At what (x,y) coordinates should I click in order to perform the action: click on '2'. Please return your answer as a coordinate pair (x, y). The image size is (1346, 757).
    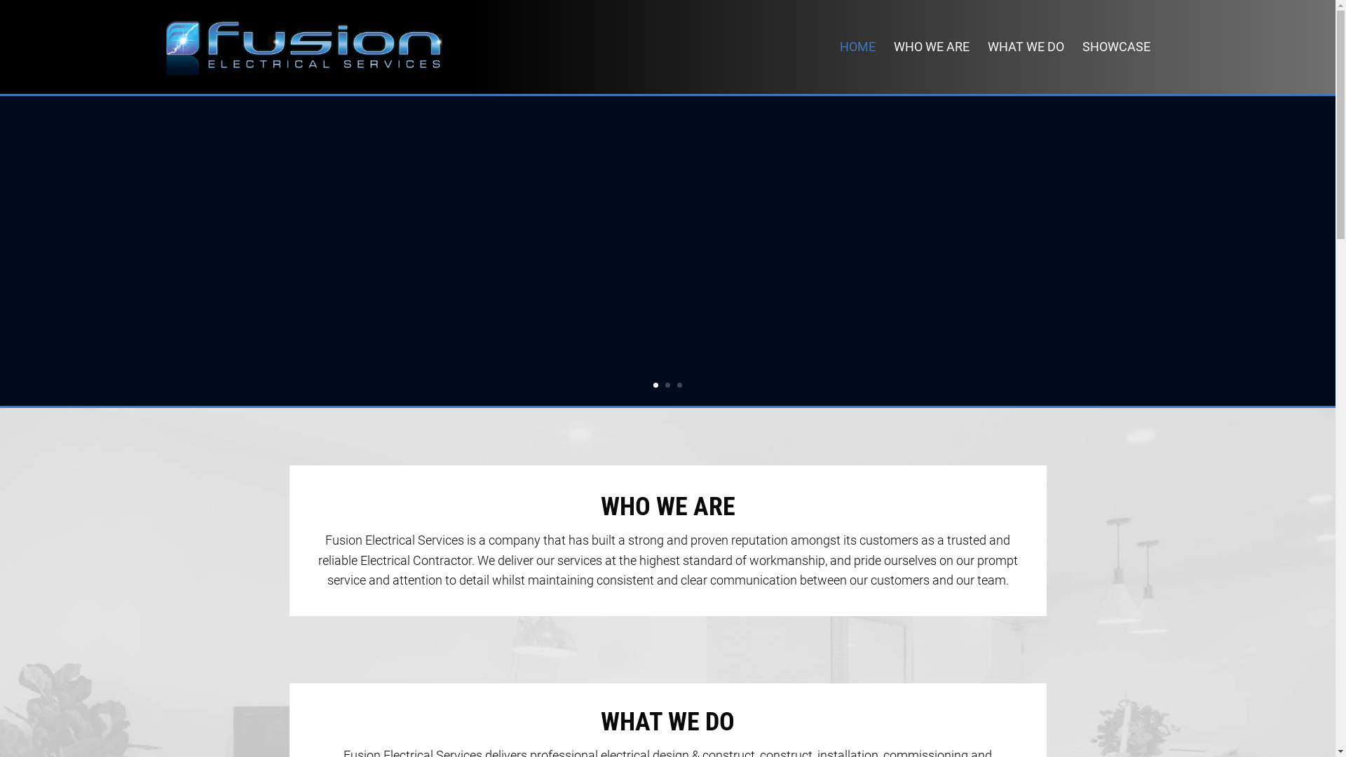
    Looking at the image, I should click on (667, 385).